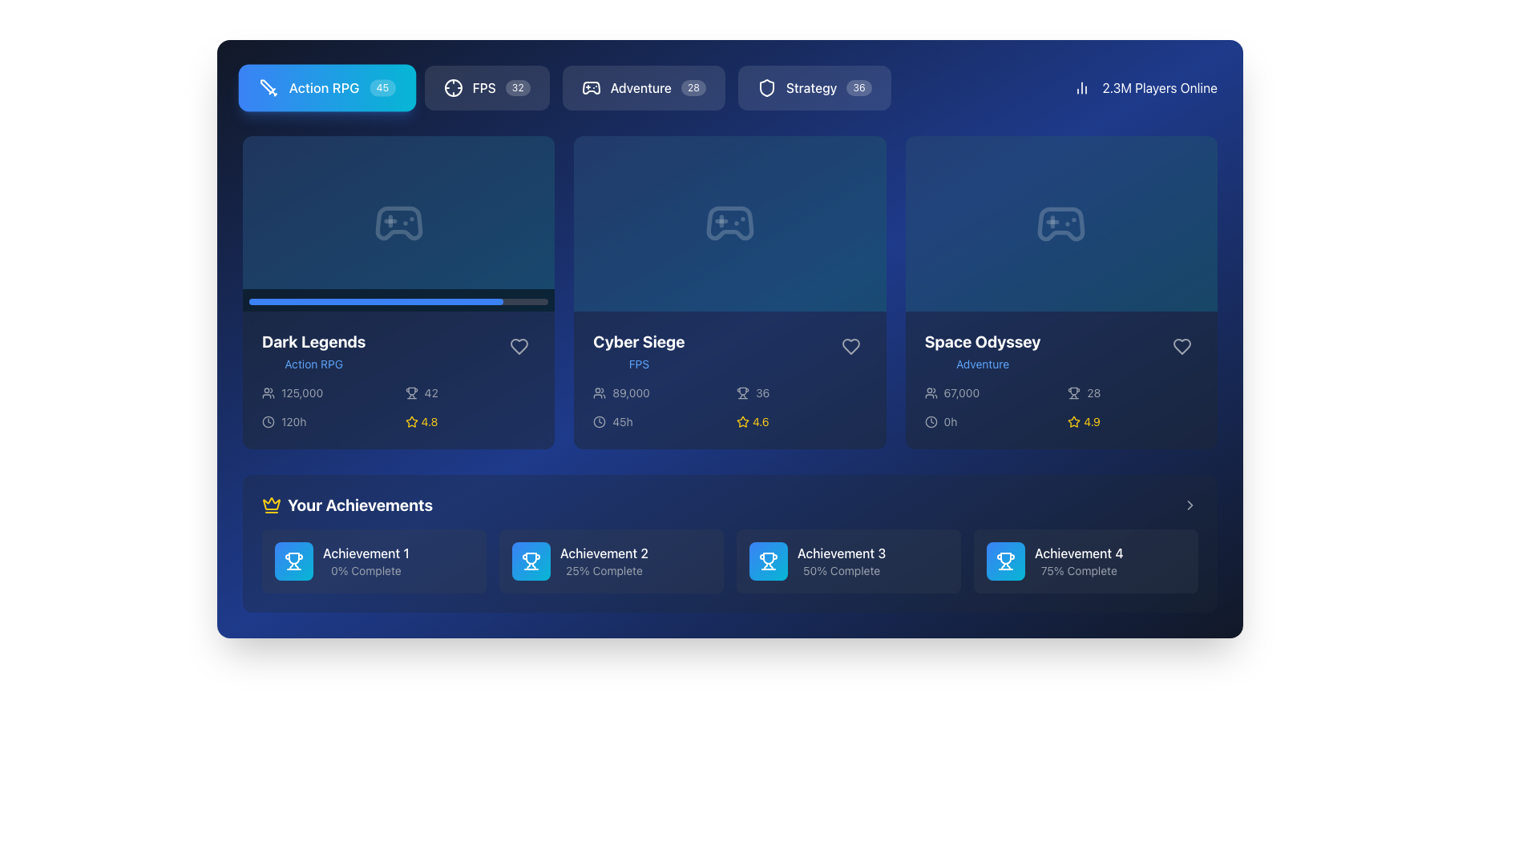 The image size is (1539, 865). Describe the element at coordinates (741, 420) in the screenshot. I see `the star-rating icon located at the bottom-center of the 'Cyber Siege' game card, which visually indicates the game's rating` at that location.